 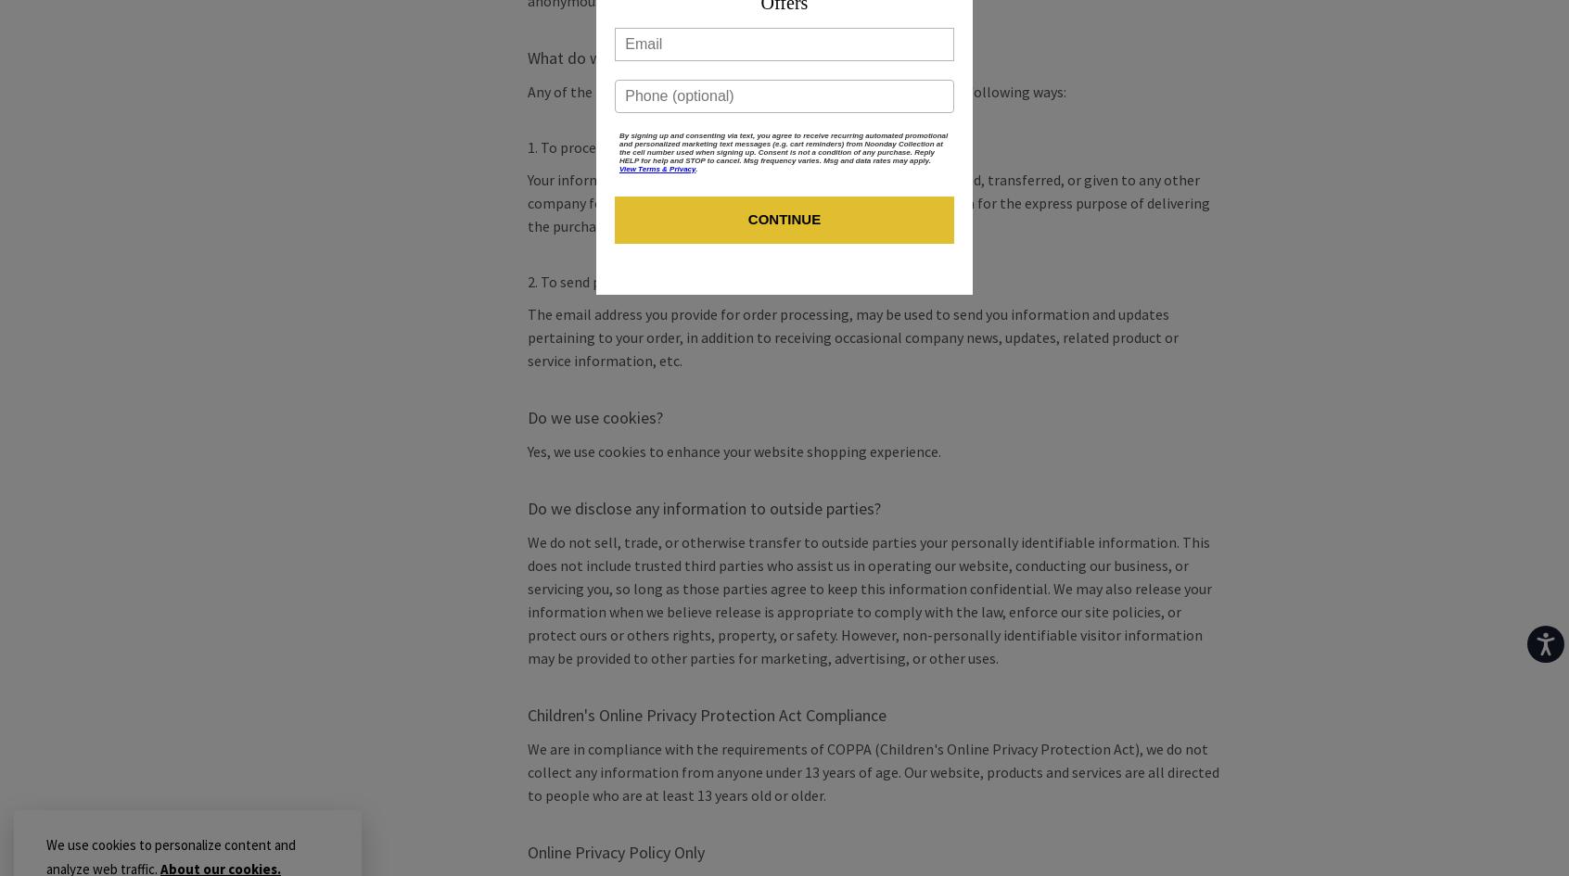 I want to click on 'We do not sell, trade, or otherwise transfer to outside parties your personally identifiable information. This does not include trusted third parties who assist us in operating our website, conducting our business, or servicing you, so long as those parties agree to keep this information confidential. We may also release your information when we believe release is appropriate to comply with the law, enforce our site policies, or protect ours or others rights, property, or safety. However, non-personally identifiable visitor information may be provided to other parties for marketing, advertising, or other uses.', so click(x=869, y=599).